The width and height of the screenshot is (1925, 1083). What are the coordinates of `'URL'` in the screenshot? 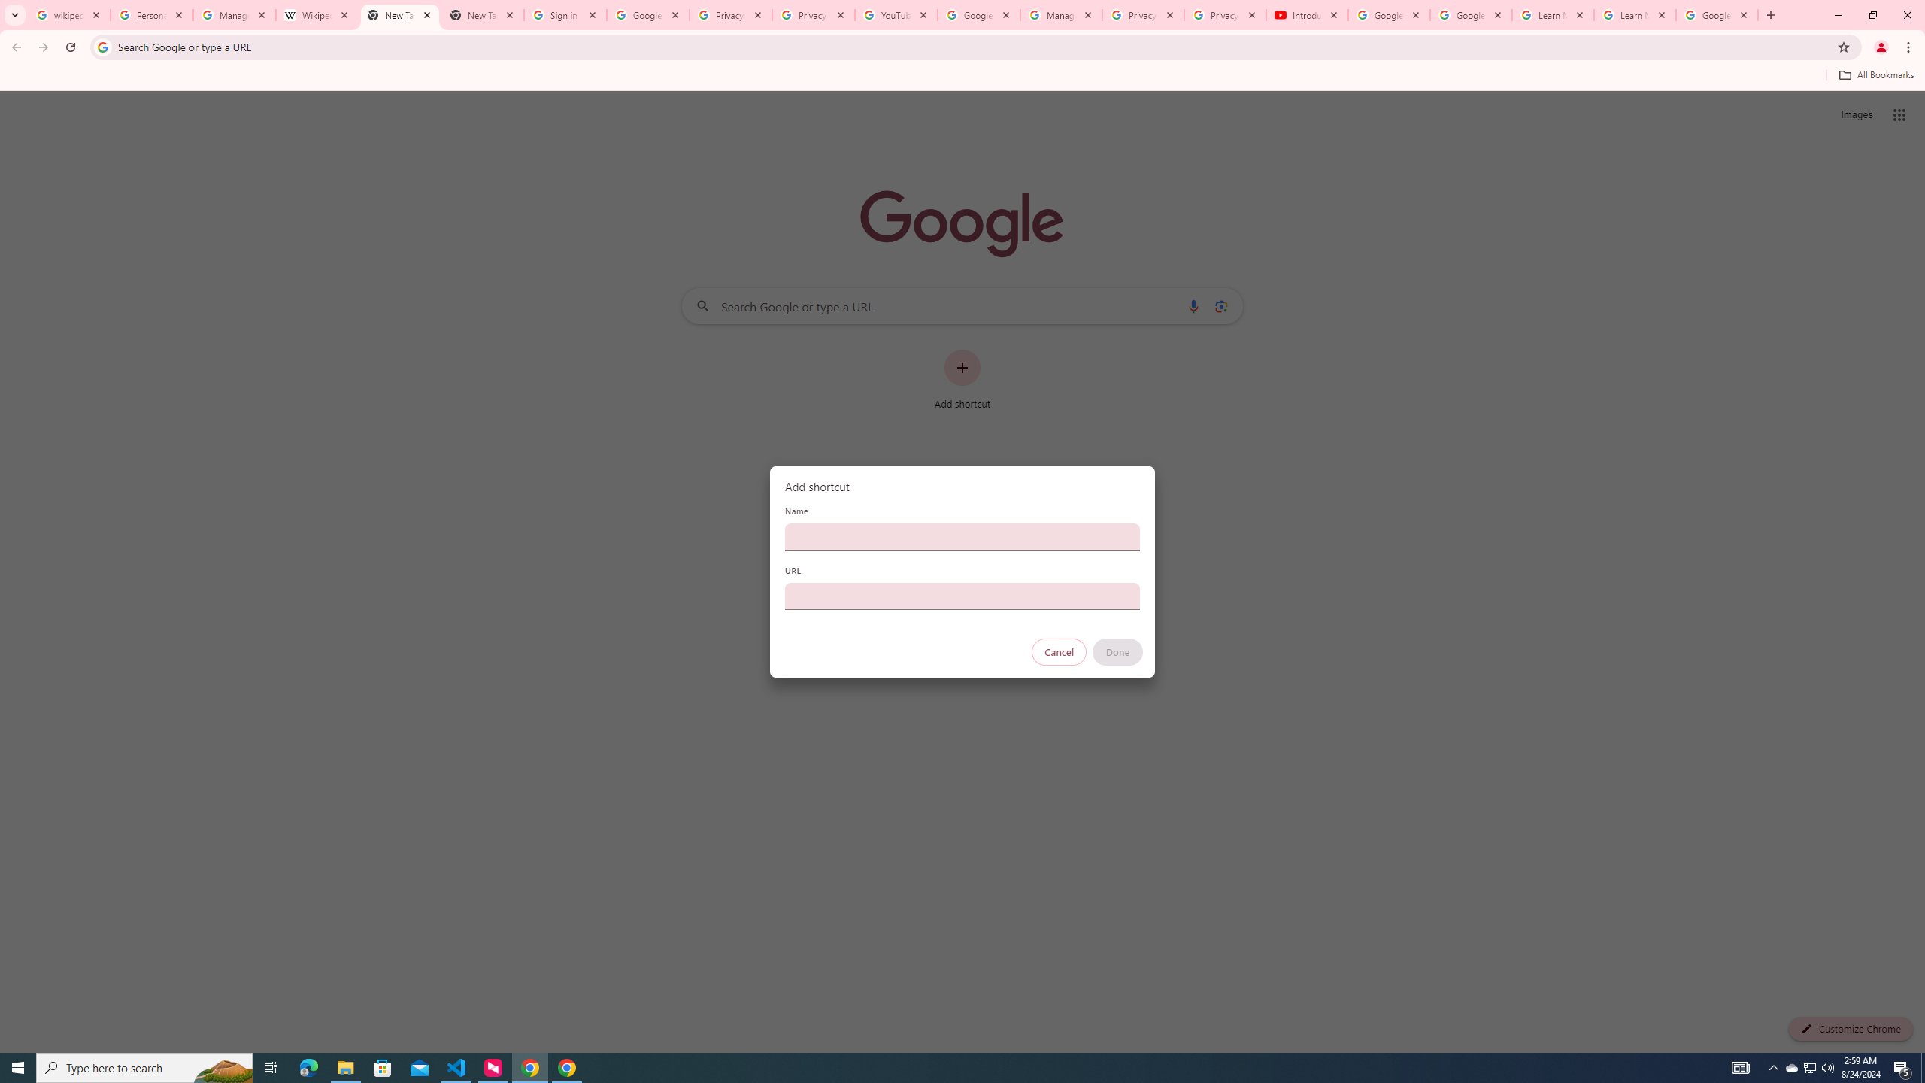 It's located at (962, 596).